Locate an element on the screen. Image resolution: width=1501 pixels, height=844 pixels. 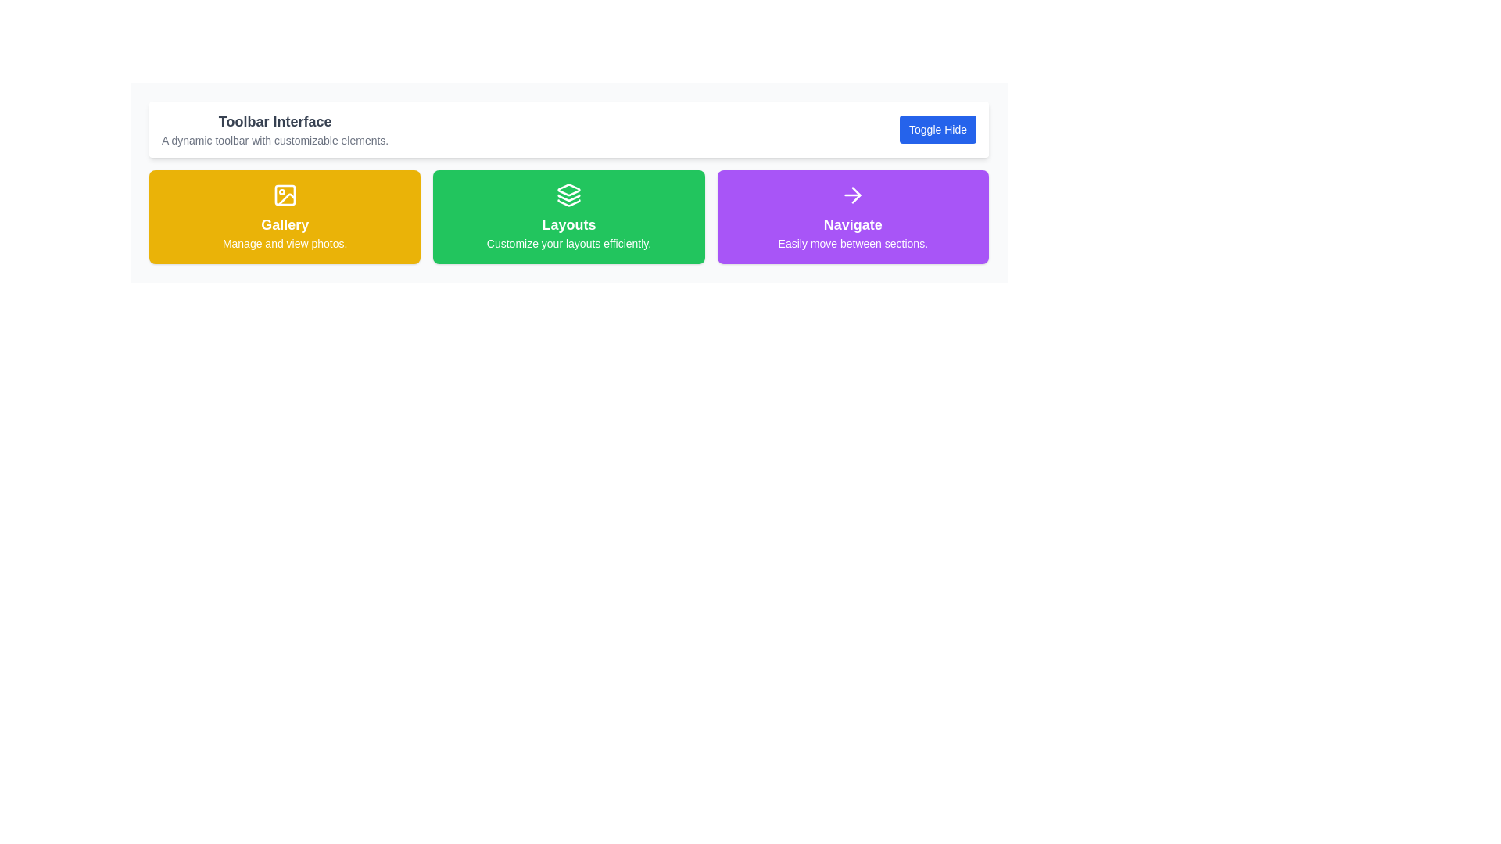
the third layer polygonal shape of the layered icon within the 'Layouts' button in the green section of the UI is located at coordinates (568, 202).